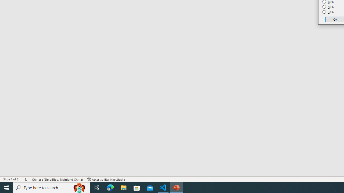 Image resolution: width=344 pixels, height=193 pixels. I want to click on 'Search highlights icon opens search home window', so click(79, 187).